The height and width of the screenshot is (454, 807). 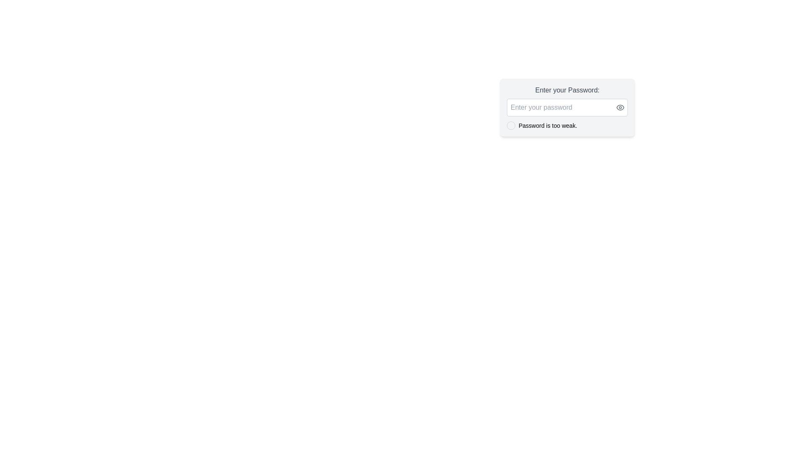 I want to click on feedback message displayed in the Text-feedback component indicating password strength requirements, located below the input field for 'Enter your Password:', so click(x=567, y=126).